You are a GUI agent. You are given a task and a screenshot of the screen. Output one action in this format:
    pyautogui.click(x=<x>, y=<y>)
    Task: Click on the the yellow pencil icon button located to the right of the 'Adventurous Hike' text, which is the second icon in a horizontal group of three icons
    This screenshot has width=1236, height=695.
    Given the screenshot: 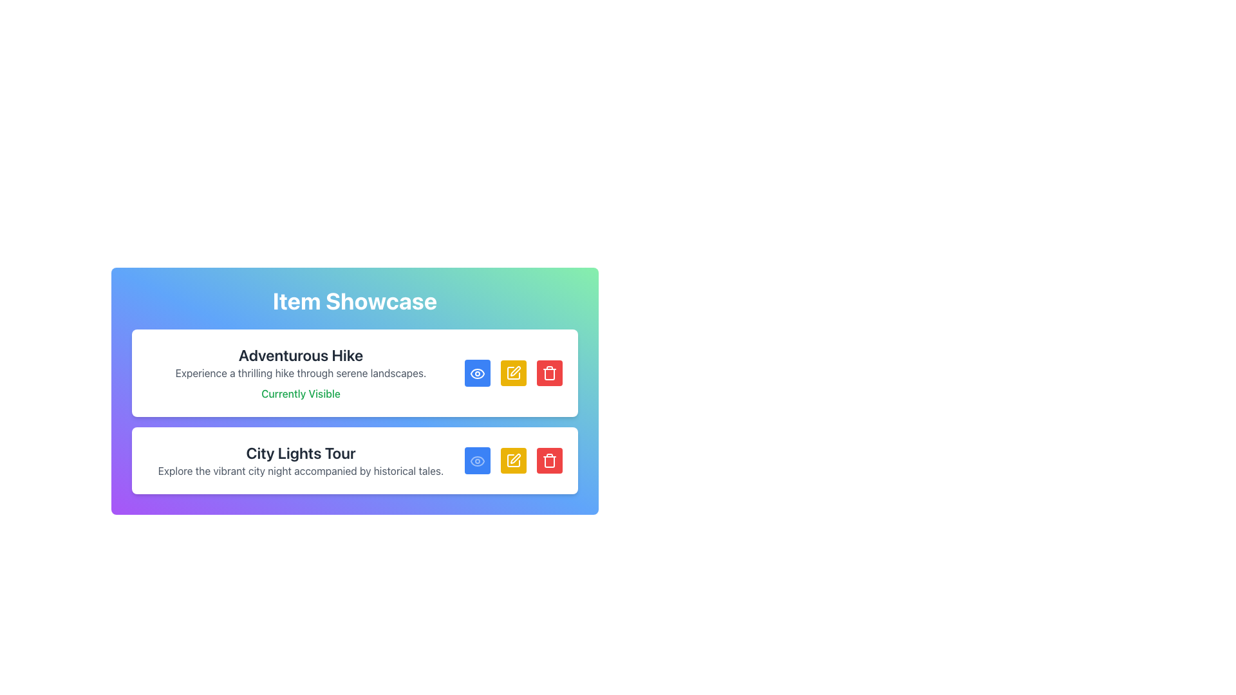 What is the action you would take?
    pyautogui.click(x=512, y=373)
    